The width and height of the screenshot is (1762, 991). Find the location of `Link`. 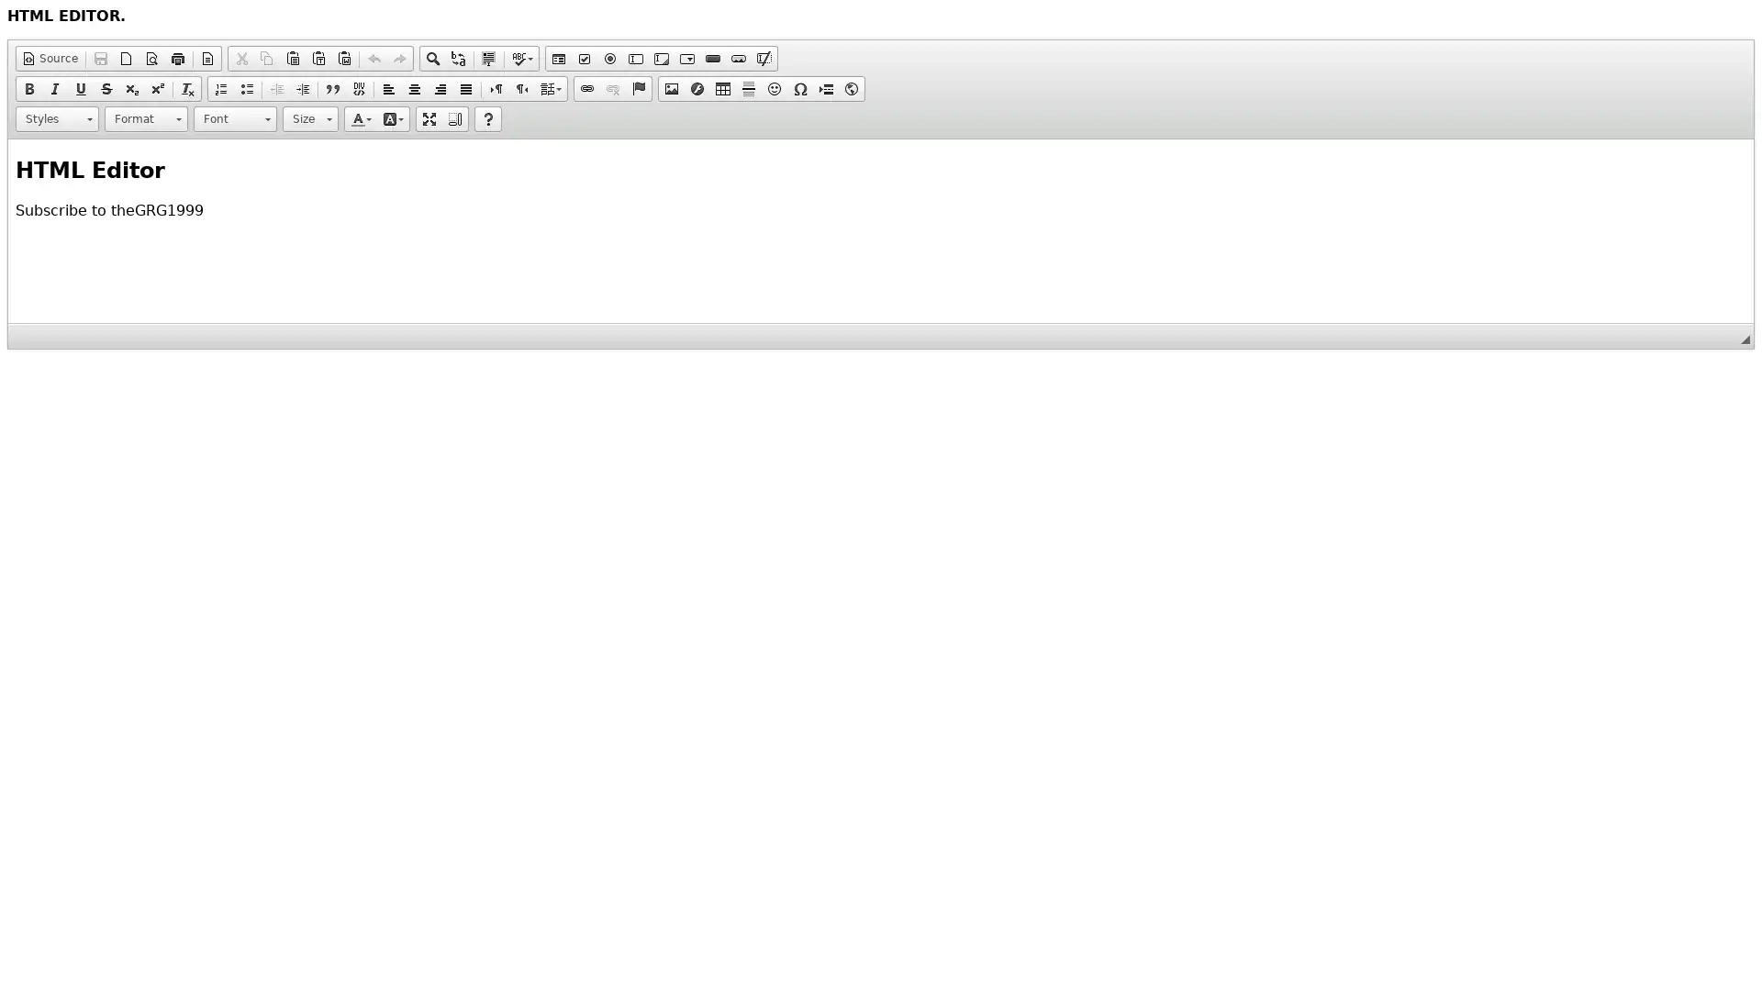

Link is located at coordinates (585, 88).